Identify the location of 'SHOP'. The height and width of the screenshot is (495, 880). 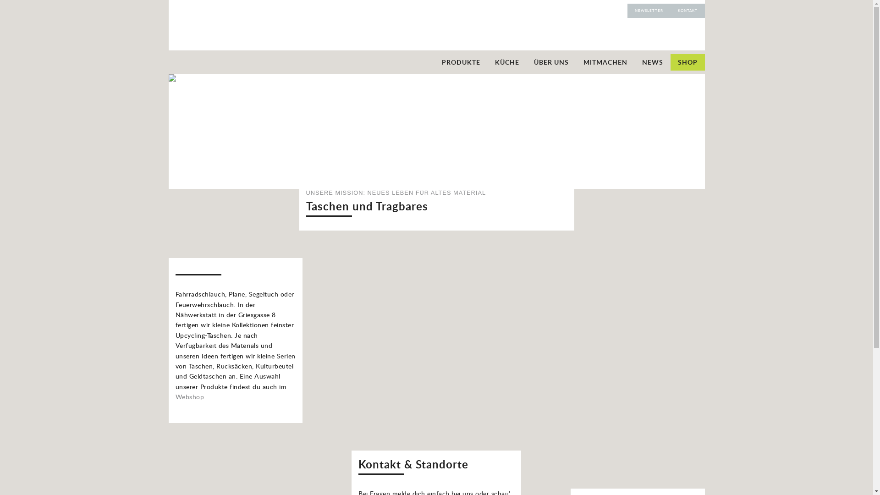
(687, 62).